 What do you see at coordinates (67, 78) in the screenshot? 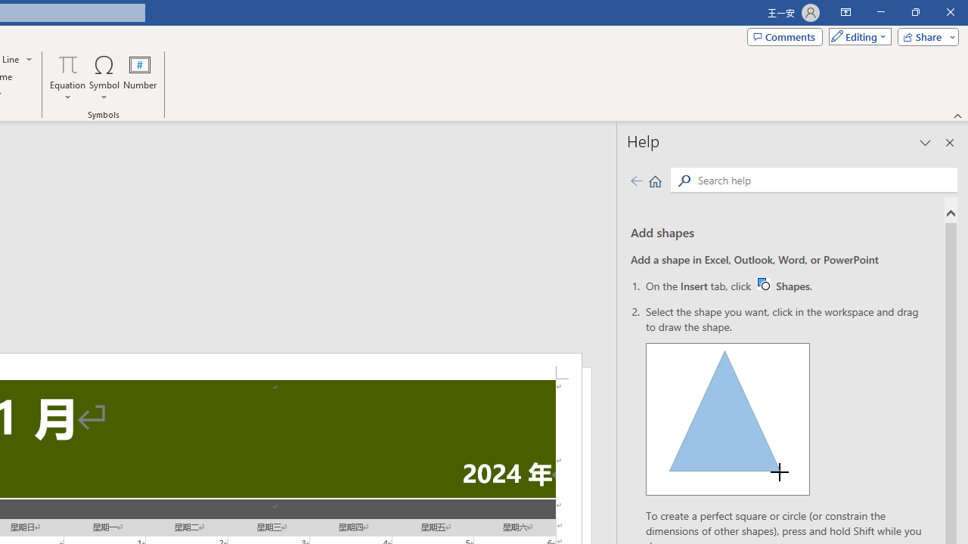
I see `'Equation'` at bounding box center [67, 78].